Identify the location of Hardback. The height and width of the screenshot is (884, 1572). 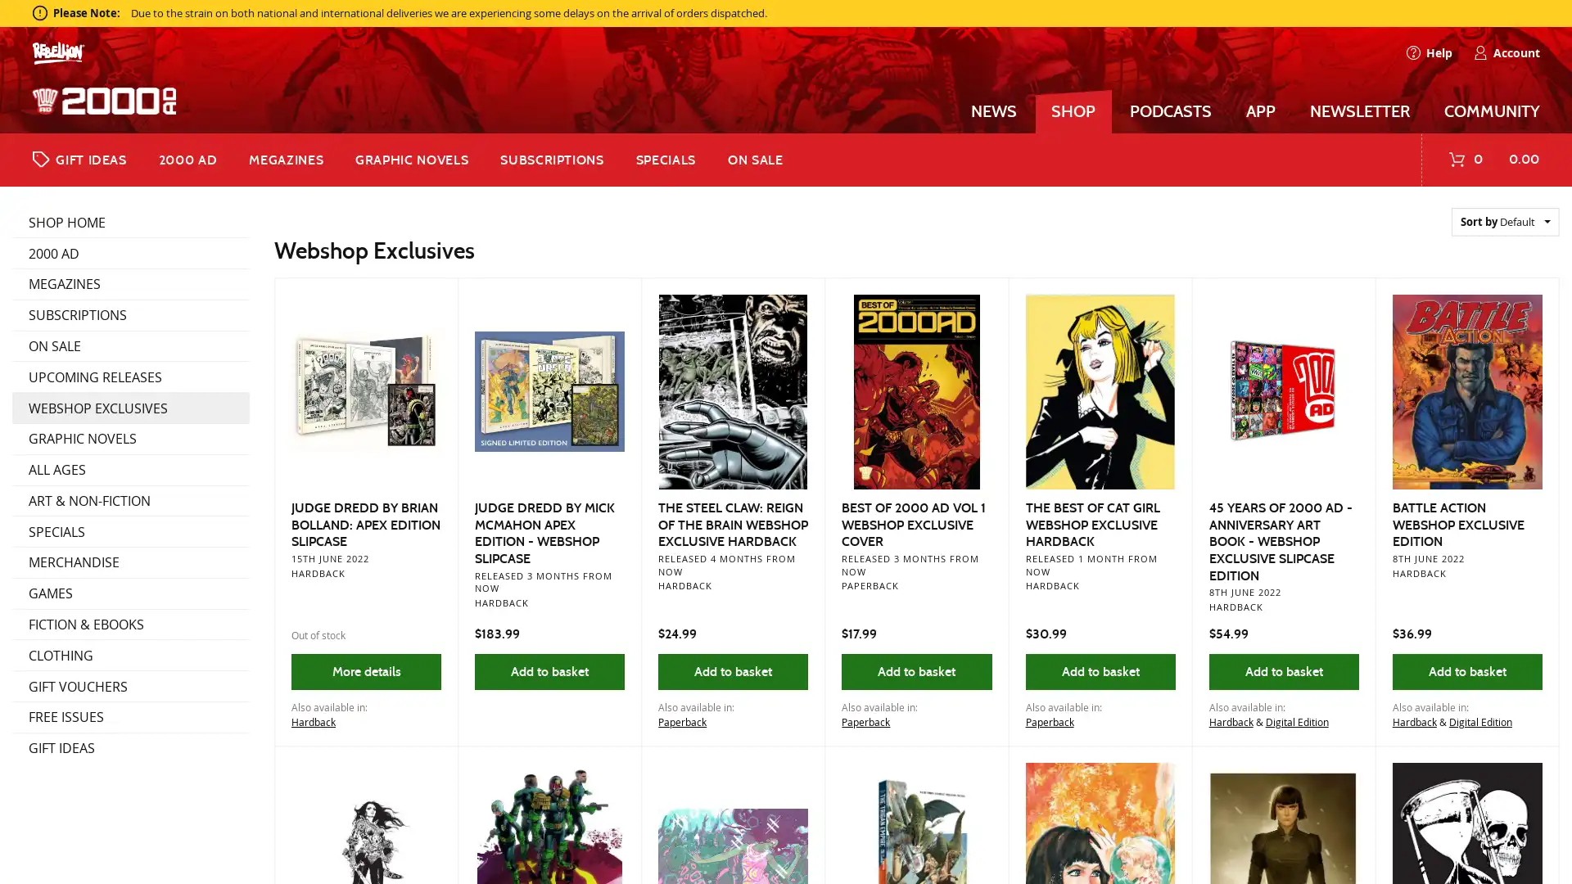
(1413, 721).